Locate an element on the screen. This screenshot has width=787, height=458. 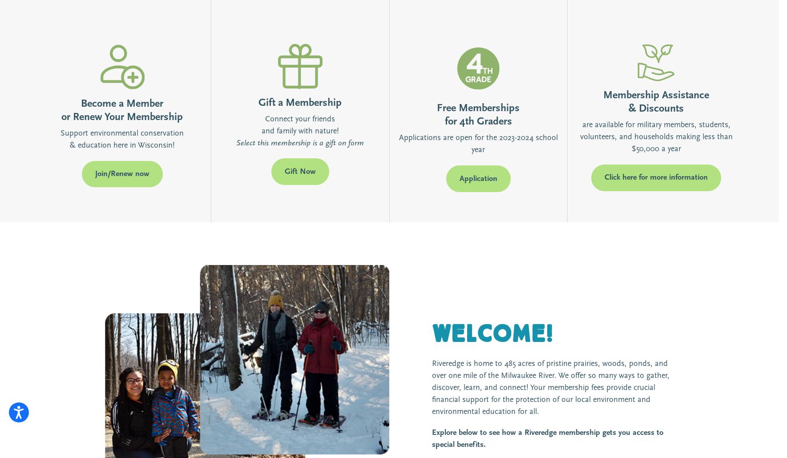
'Membership Assistance' is located at coordinates (603, 95).